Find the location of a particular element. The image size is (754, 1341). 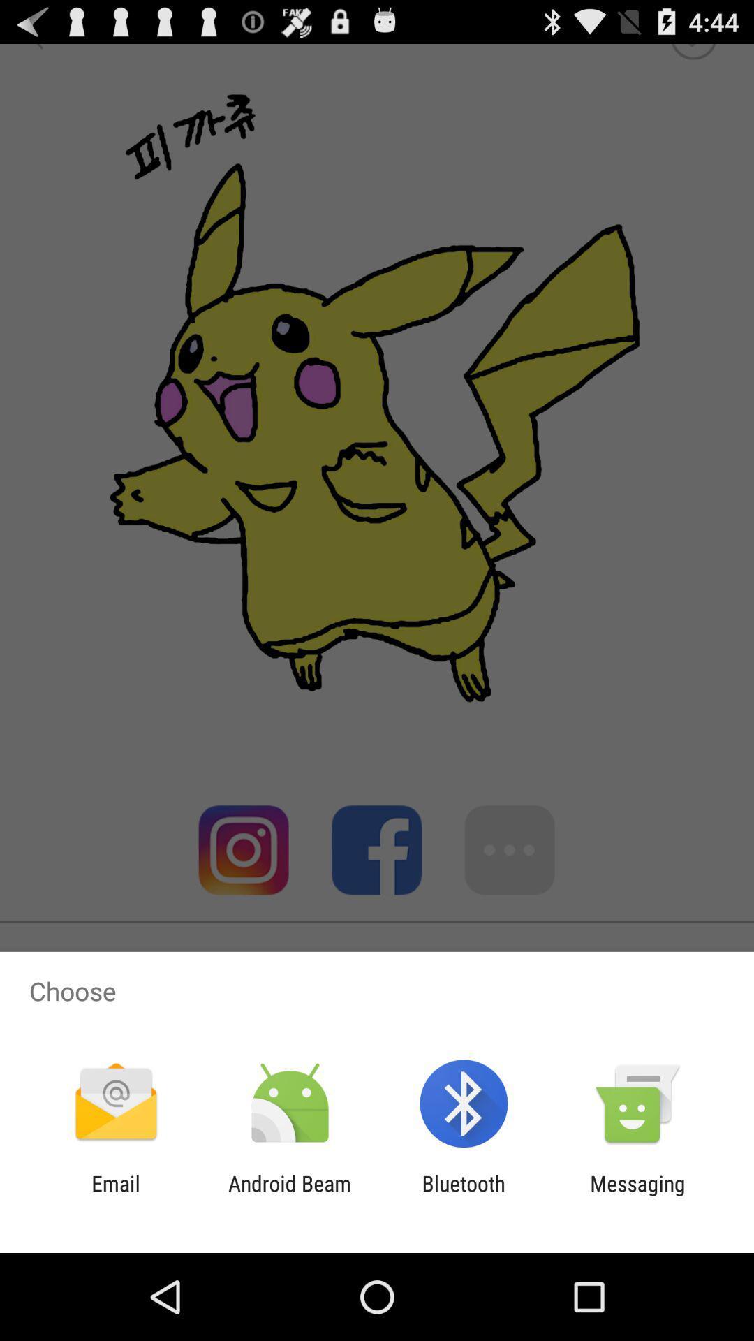

android beam icon is located at coordinates (289, 1195).